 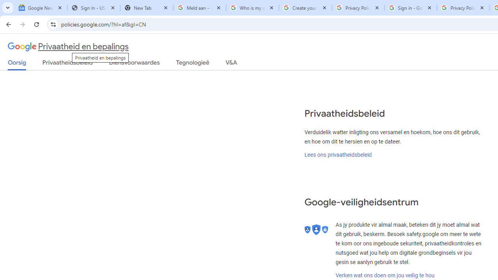 What do you see at coordinates (410, 8) in the screenshot?
I see `'Sign in - Google Accounts'` at bounding box center [410, 8].